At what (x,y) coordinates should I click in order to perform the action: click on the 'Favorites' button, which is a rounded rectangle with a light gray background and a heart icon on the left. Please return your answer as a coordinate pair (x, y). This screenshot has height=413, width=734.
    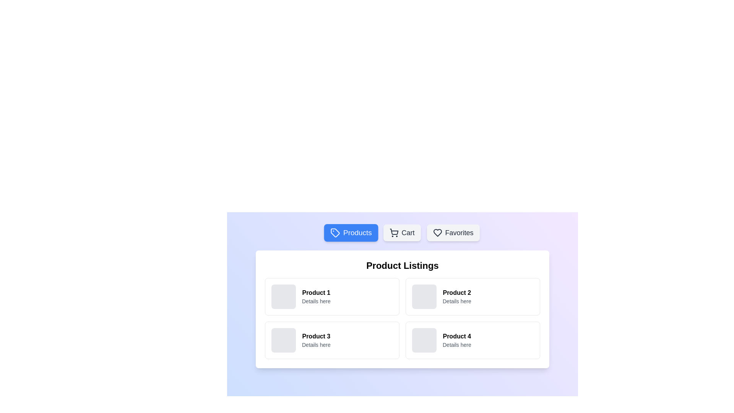
    Looking at the image, I should click on (453, 233).